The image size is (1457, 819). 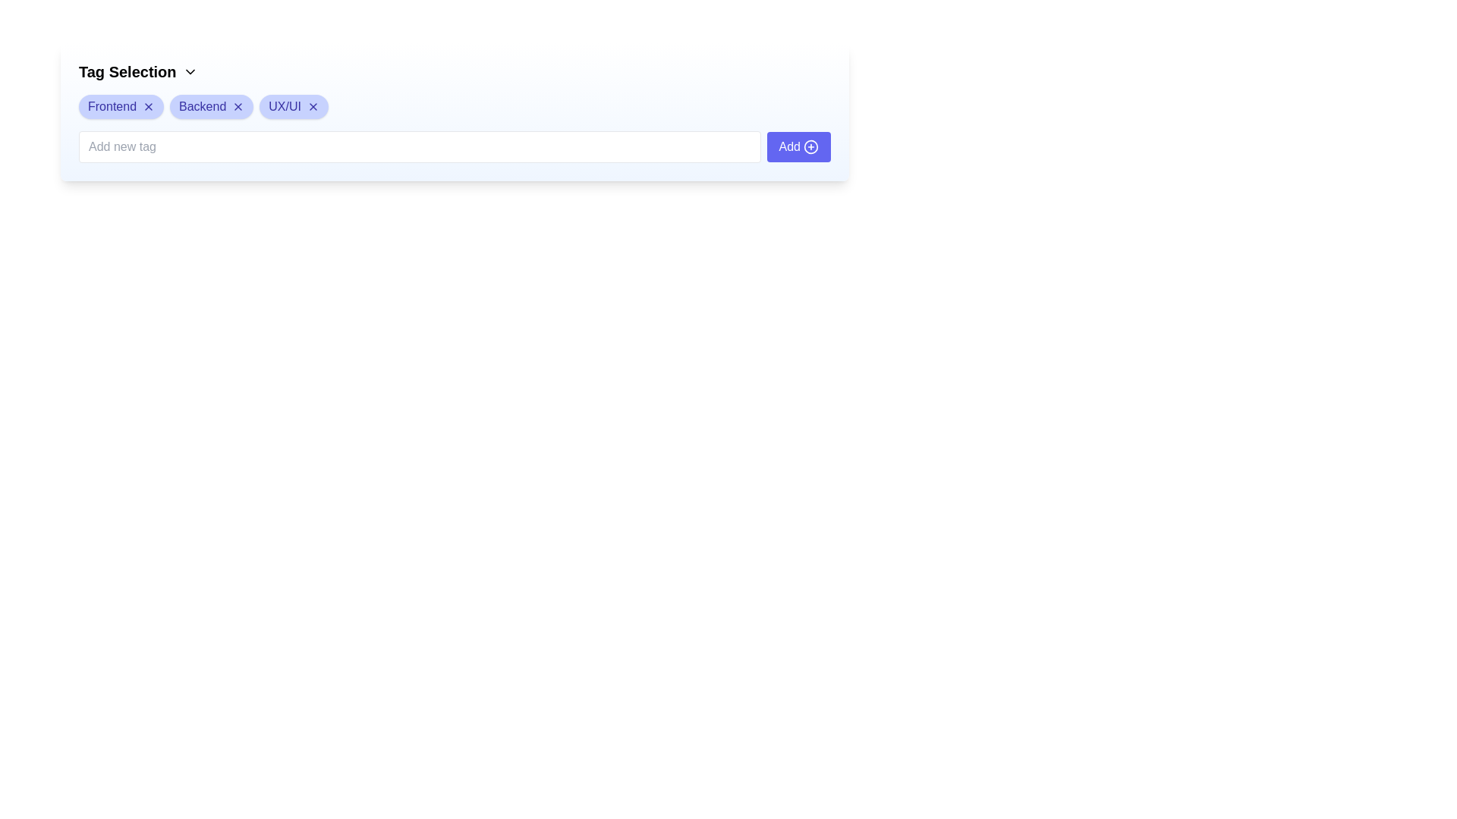 What do you see at coordinates (285, 106) in the screenshot?
I see `the 'UX/UI' text label which is styled with a bold, purple font and located within a rounded, light purple tag-like component` at bounding box center [285, 106].